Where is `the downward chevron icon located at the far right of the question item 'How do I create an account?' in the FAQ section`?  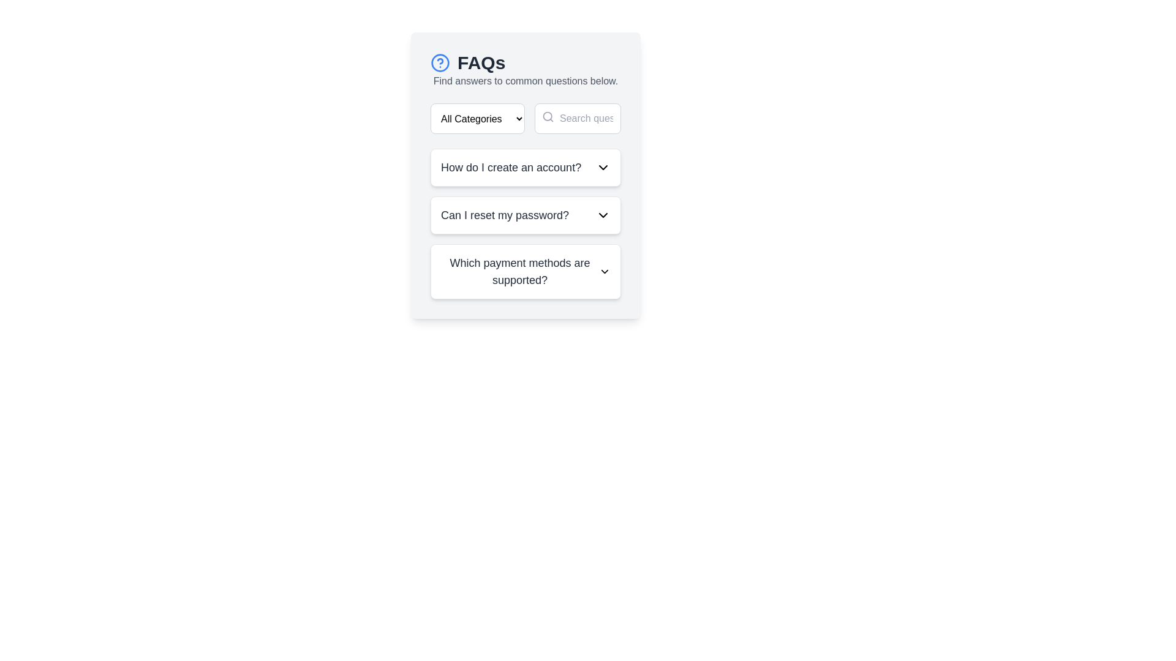
the downward chevron icon located at the far right of the question item 'How do I create an account?' in the FAQ section is located at coordinates (603, 167).